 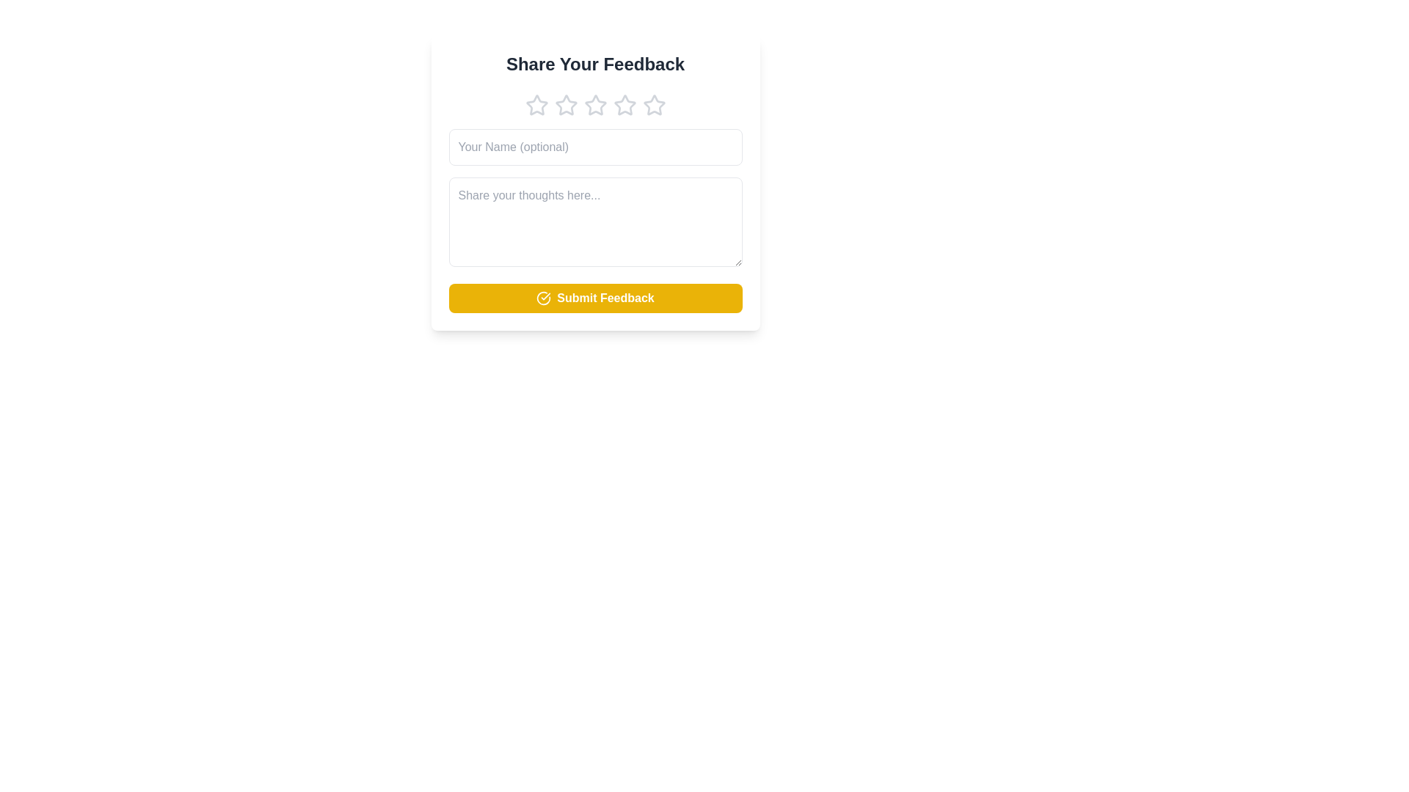 I want to click on the bold, centered title stating 'Share Your Feedback' that is prominently displayed at the top center of the interface, so click(x=595, y=64).